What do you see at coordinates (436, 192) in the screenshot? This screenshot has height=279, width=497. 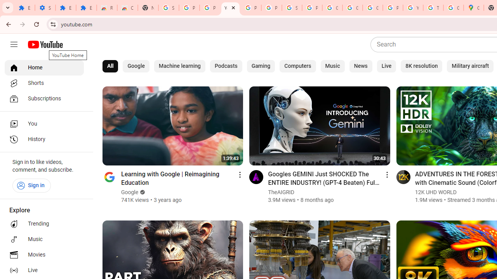 I see `'12K UHD WORLD'` at bounding box center [436, 192].